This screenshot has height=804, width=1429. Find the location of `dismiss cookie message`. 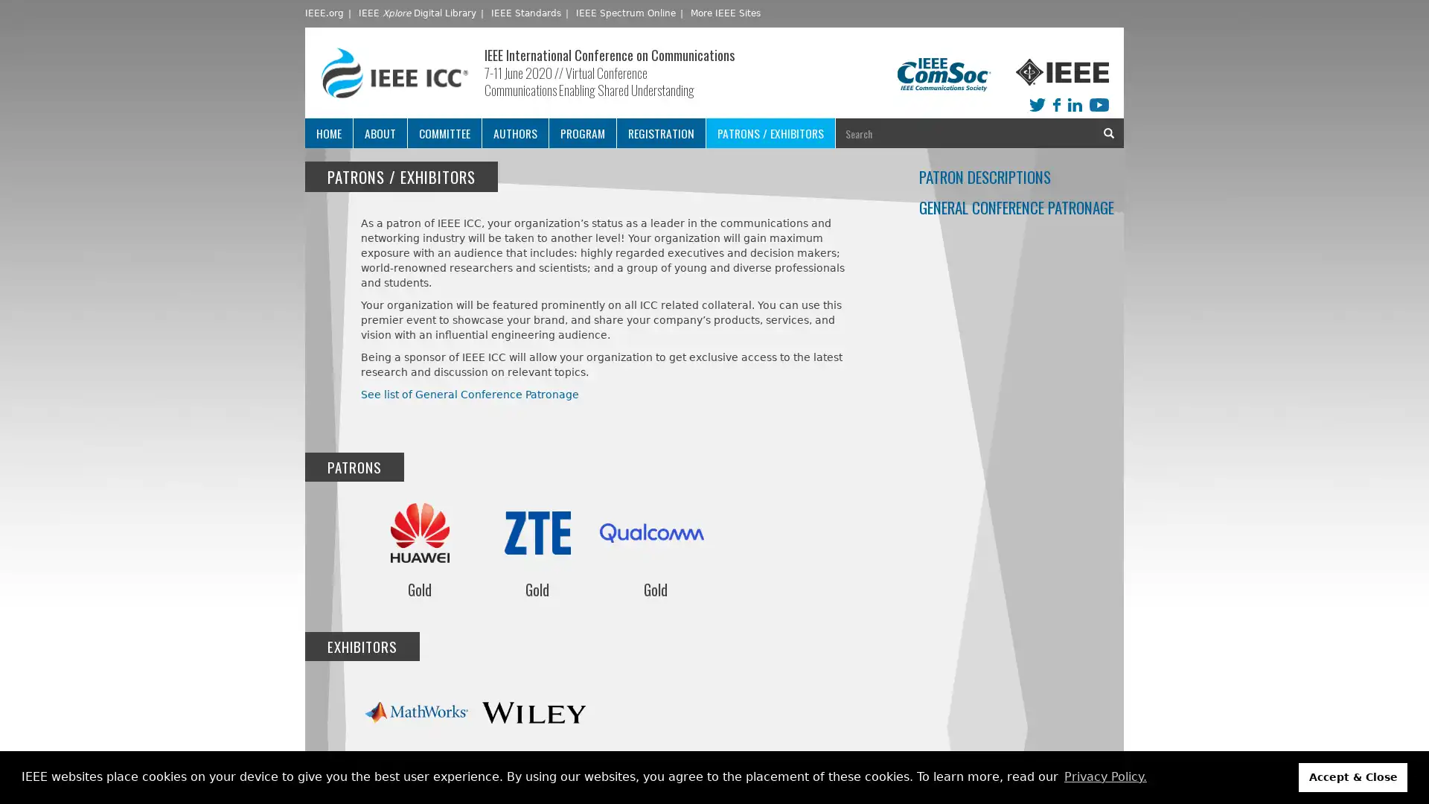

dismiss cookie message is located at coordinates (1353, 776).